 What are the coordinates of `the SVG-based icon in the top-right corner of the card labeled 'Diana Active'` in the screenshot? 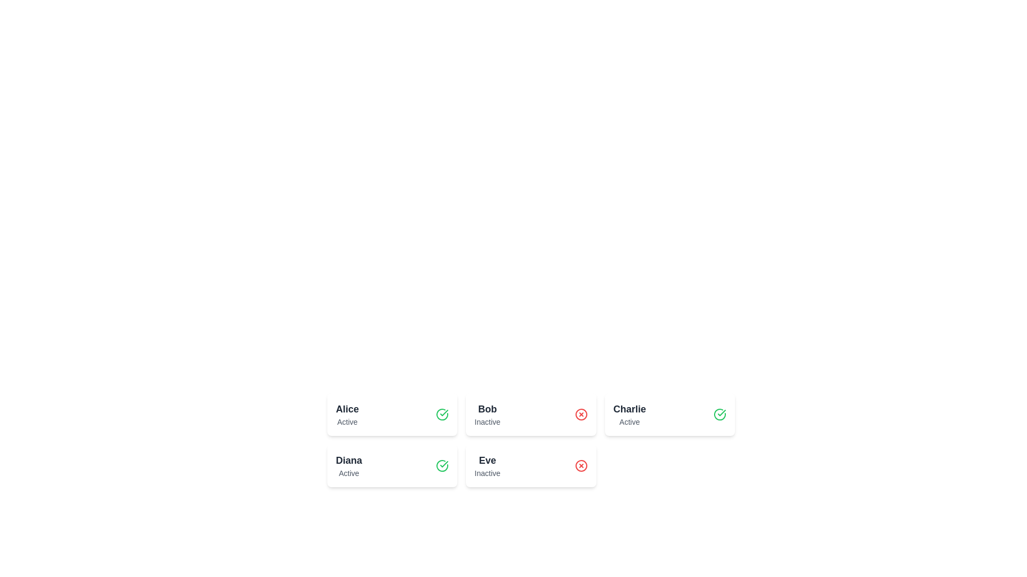 It's located at (442, 465).